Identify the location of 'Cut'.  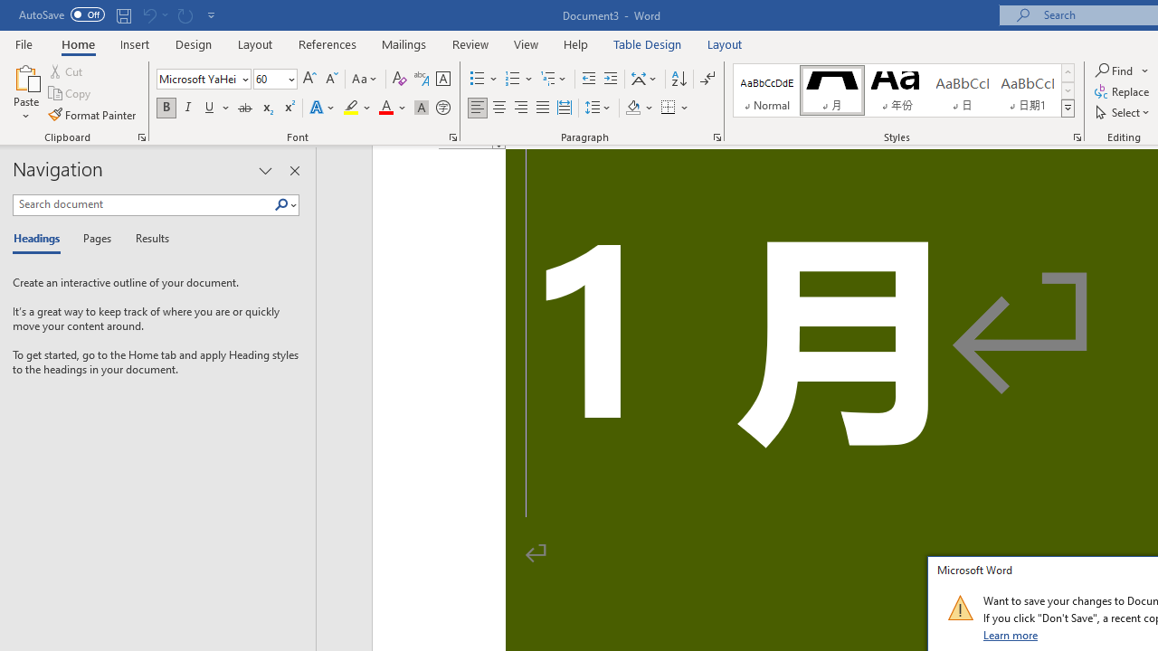
(67, 71).